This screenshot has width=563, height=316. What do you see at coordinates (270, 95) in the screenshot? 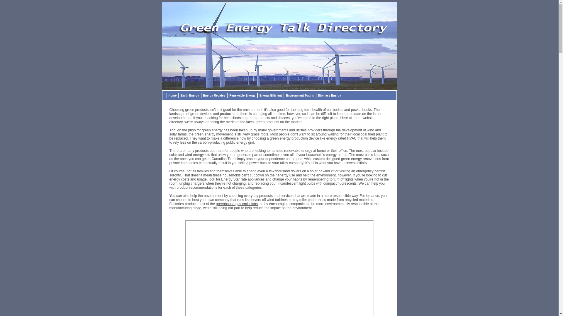
I see `'Energy Efficient'` at bounding box center [270, 95].